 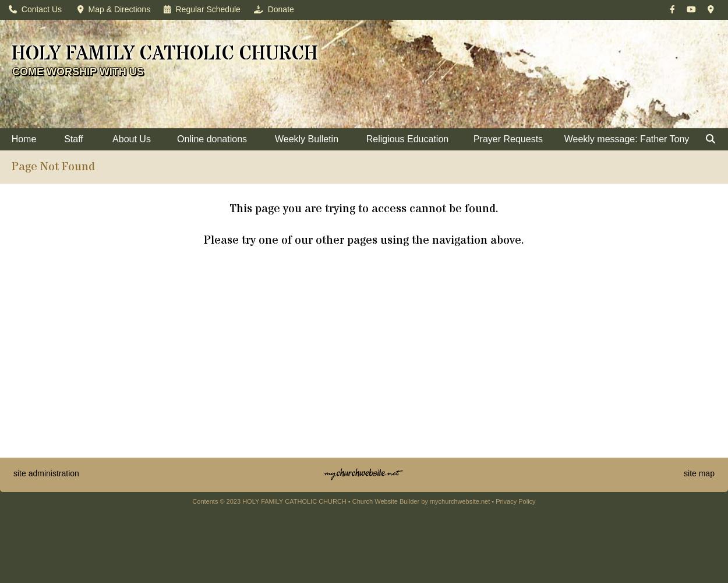 What do you see at coordinates (515, 501) in the screenshot?
I see `'Privacy Policy'` at bounding box center [515, 501].